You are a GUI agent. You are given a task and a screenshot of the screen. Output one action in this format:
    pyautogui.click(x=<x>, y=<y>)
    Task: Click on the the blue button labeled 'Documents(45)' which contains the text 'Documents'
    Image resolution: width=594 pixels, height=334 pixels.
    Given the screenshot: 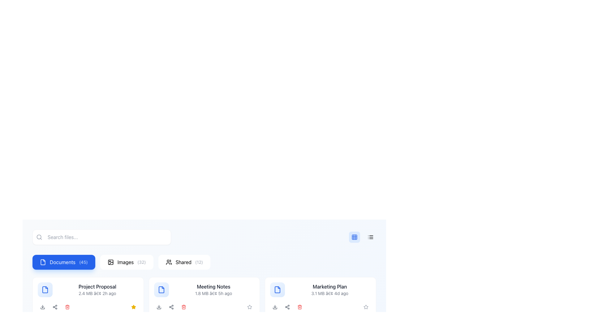 What is the action you would take?
    pyautogui.click(x=62, y=262)
    